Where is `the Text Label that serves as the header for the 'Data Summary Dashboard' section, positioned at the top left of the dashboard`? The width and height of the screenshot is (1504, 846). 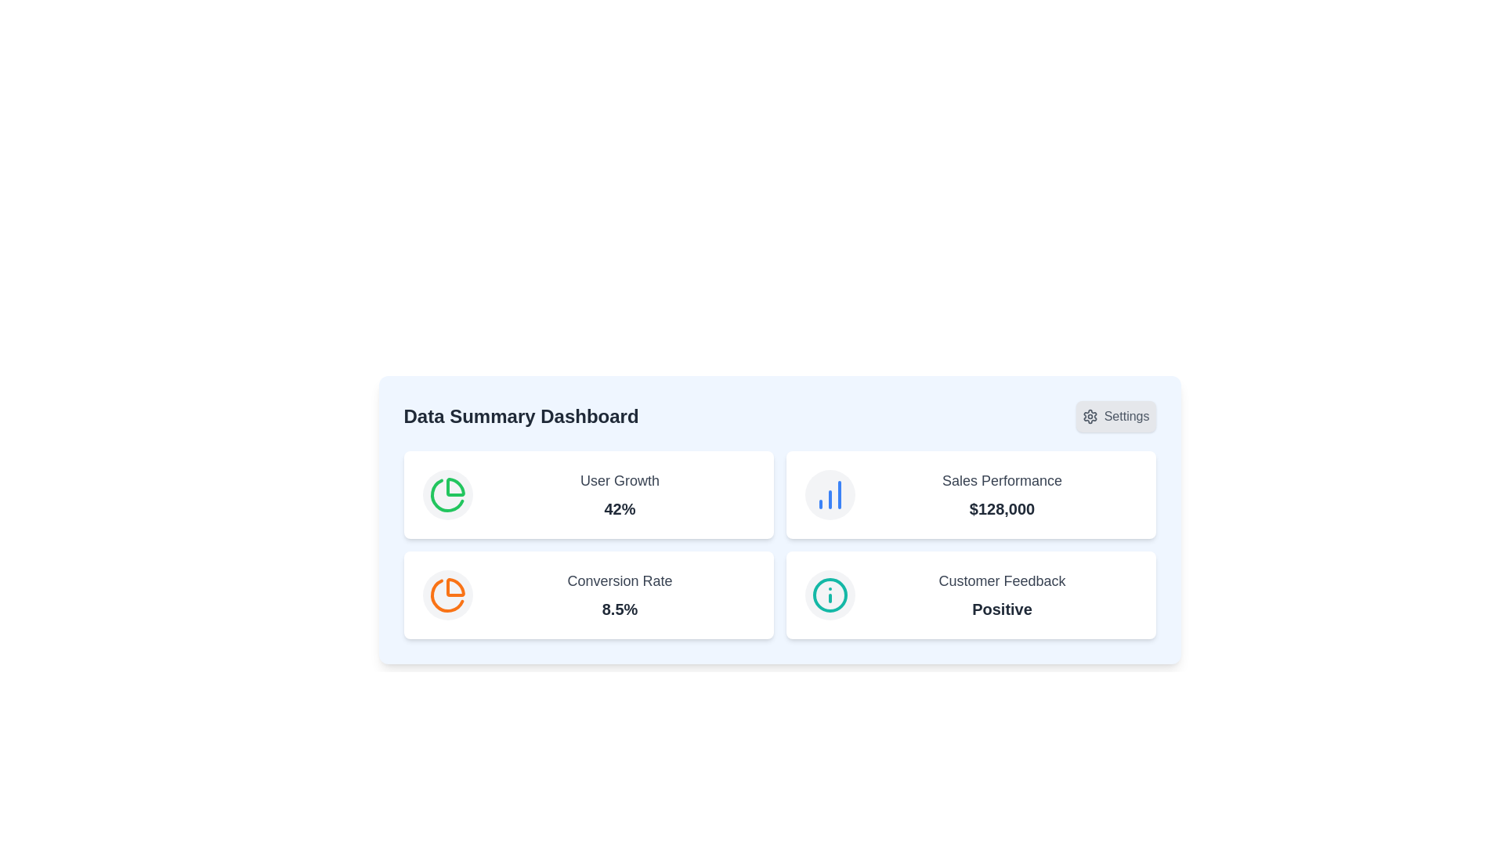 the Text Label that serves as the header for the 'Data Summary Dashboard' section, positioned at the top left of the dashboard is located at coordinates (521, 416).